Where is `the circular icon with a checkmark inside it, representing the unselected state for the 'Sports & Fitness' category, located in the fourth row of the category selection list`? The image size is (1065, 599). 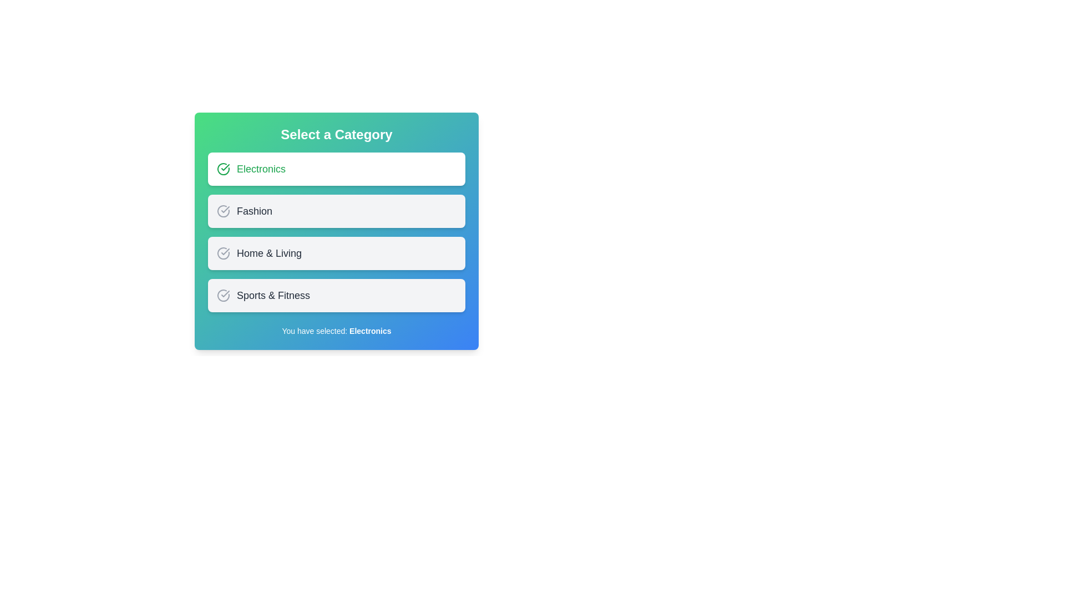 the circular icon with a checkmark inside it, representing the unselected state for the 'Sports & Fitness' category, located in the fourth row of the category selection list is located at coordinates (223, 295).